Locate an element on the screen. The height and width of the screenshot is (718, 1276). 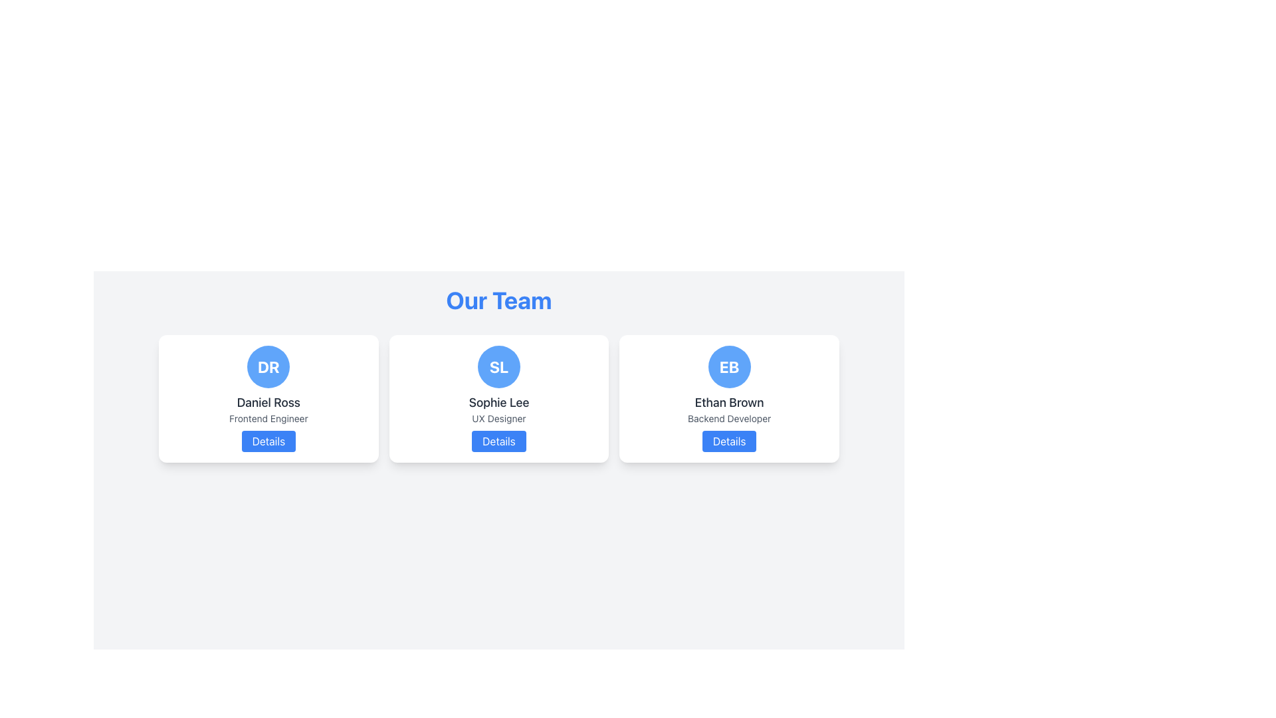
the circular badge with a blue background and white text 'EB' representing Ethan Brown in the team section is located at coordinates (728, 366).